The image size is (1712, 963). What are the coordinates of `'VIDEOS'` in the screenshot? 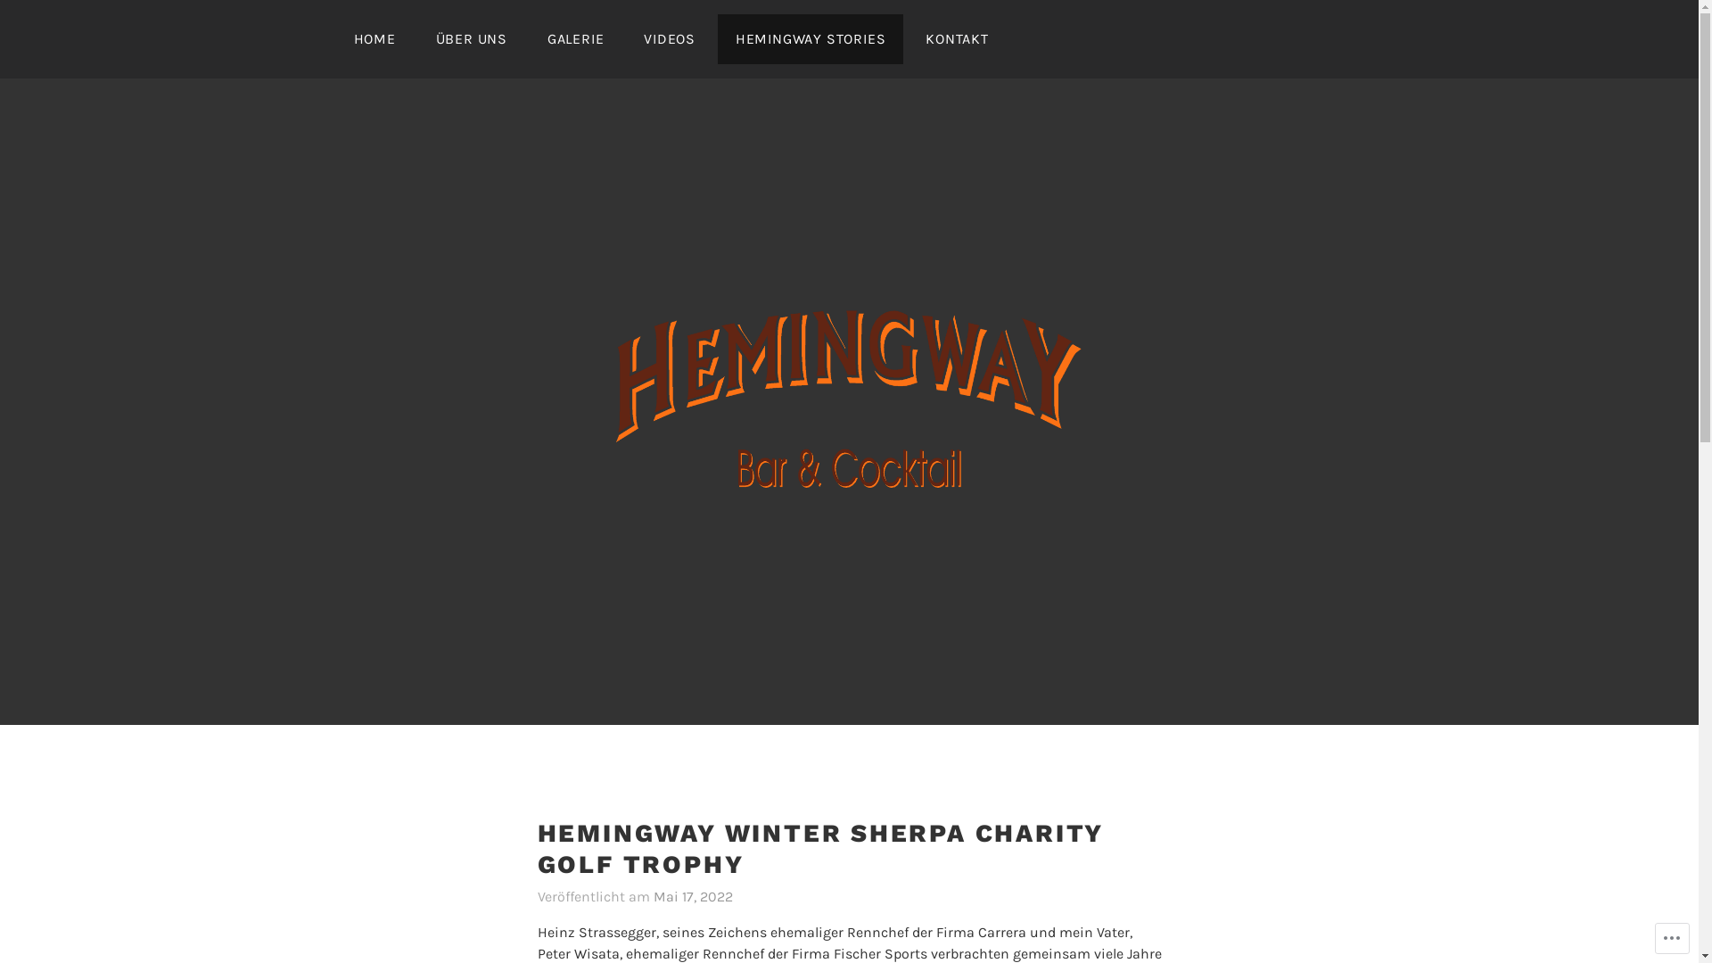 It's located at (668, 38).